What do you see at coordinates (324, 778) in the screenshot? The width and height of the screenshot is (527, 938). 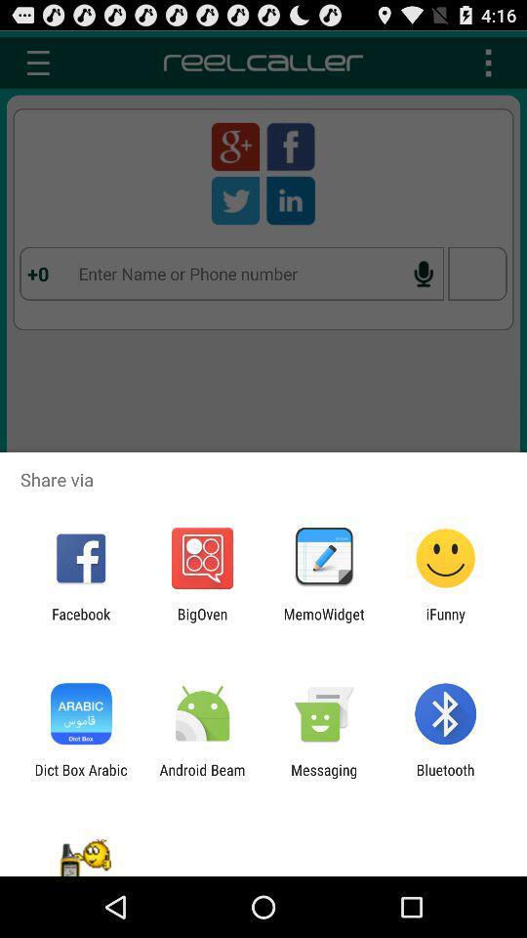 I see `the item to the right of the android beam` at bounding box center [324, 778].